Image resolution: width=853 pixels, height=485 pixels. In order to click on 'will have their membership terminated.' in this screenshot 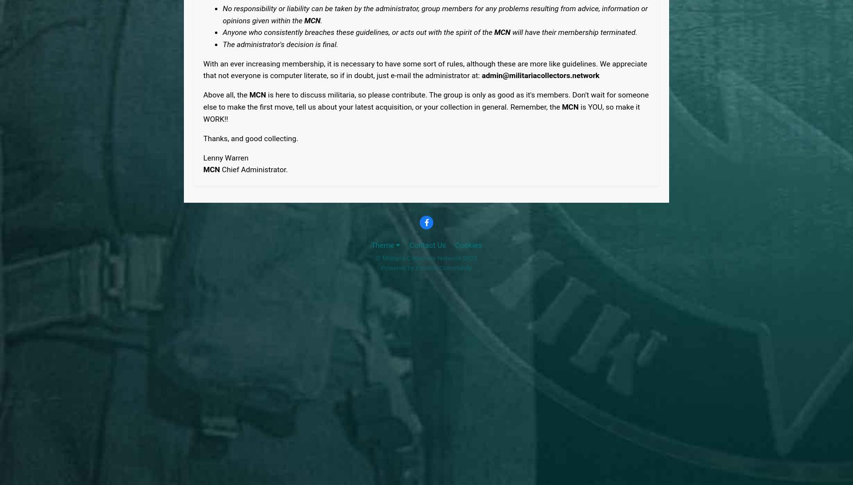, I will do `click(574, 32)`.